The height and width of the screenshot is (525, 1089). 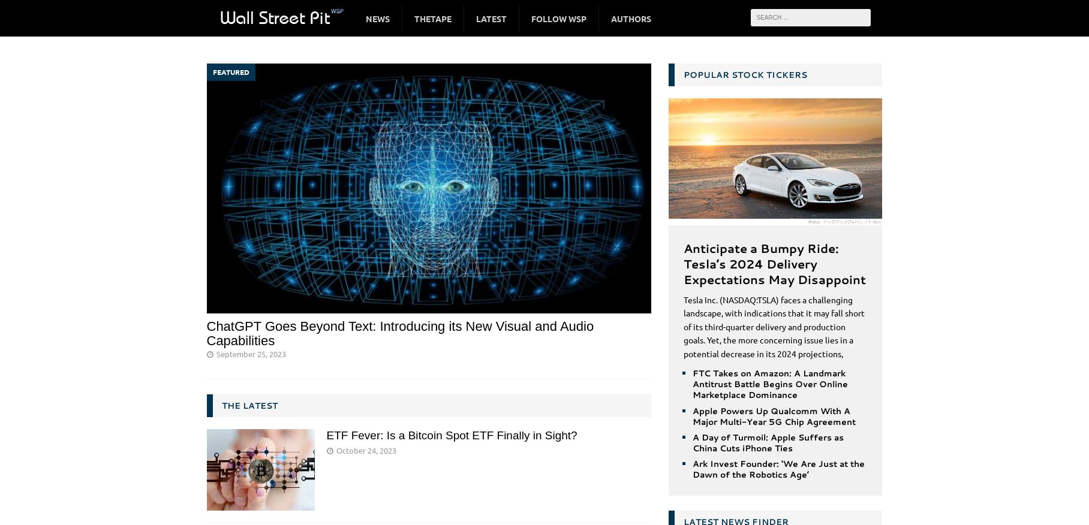 I want to click on 'Tesla Inc. (NASDAQ:TSLA) faces a challenging landscape, with indications that it may fall short of its third-quarter delivery and production goals. Yet, the more concerning issue lies in a potential decrease in its 2024 projections,', so click(x=682, y=326).